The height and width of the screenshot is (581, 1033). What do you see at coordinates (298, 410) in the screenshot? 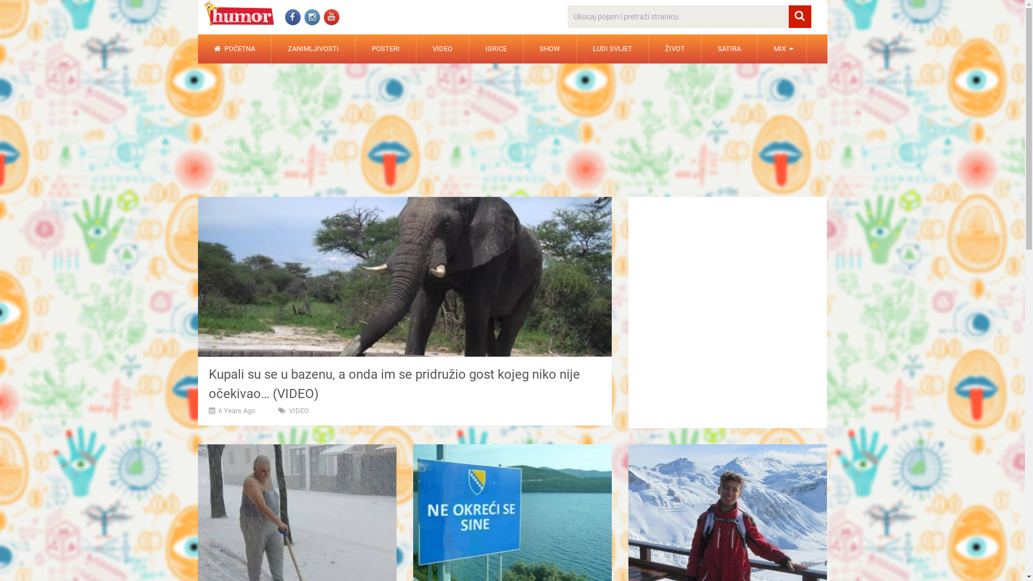
I see `'VIDEO'` at bounding box center [298, 410].